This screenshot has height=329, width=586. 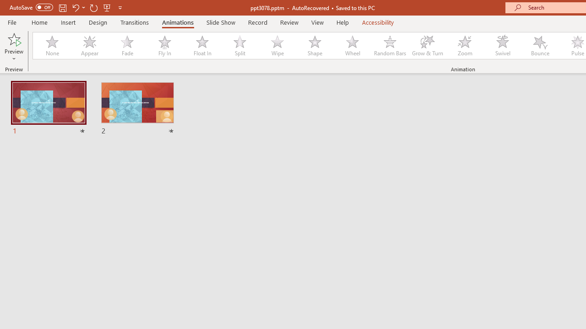 I want to click on 'None', so click(x=51, y=46).